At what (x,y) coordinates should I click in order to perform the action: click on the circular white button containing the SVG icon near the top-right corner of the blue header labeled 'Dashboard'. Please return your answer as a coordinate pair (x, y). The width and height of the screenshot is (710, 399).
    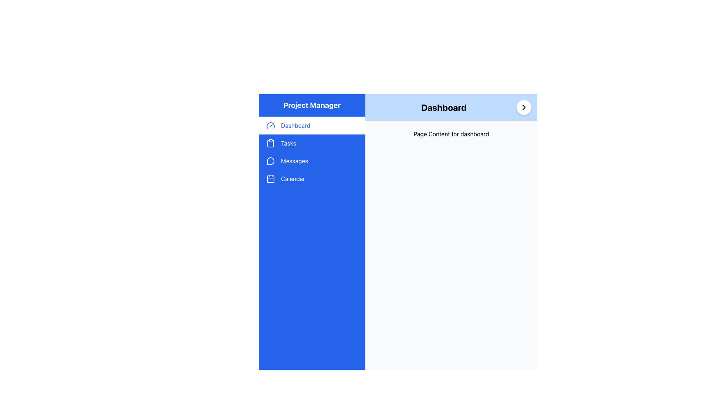
    Looking at the image, I should click on (523, 107).